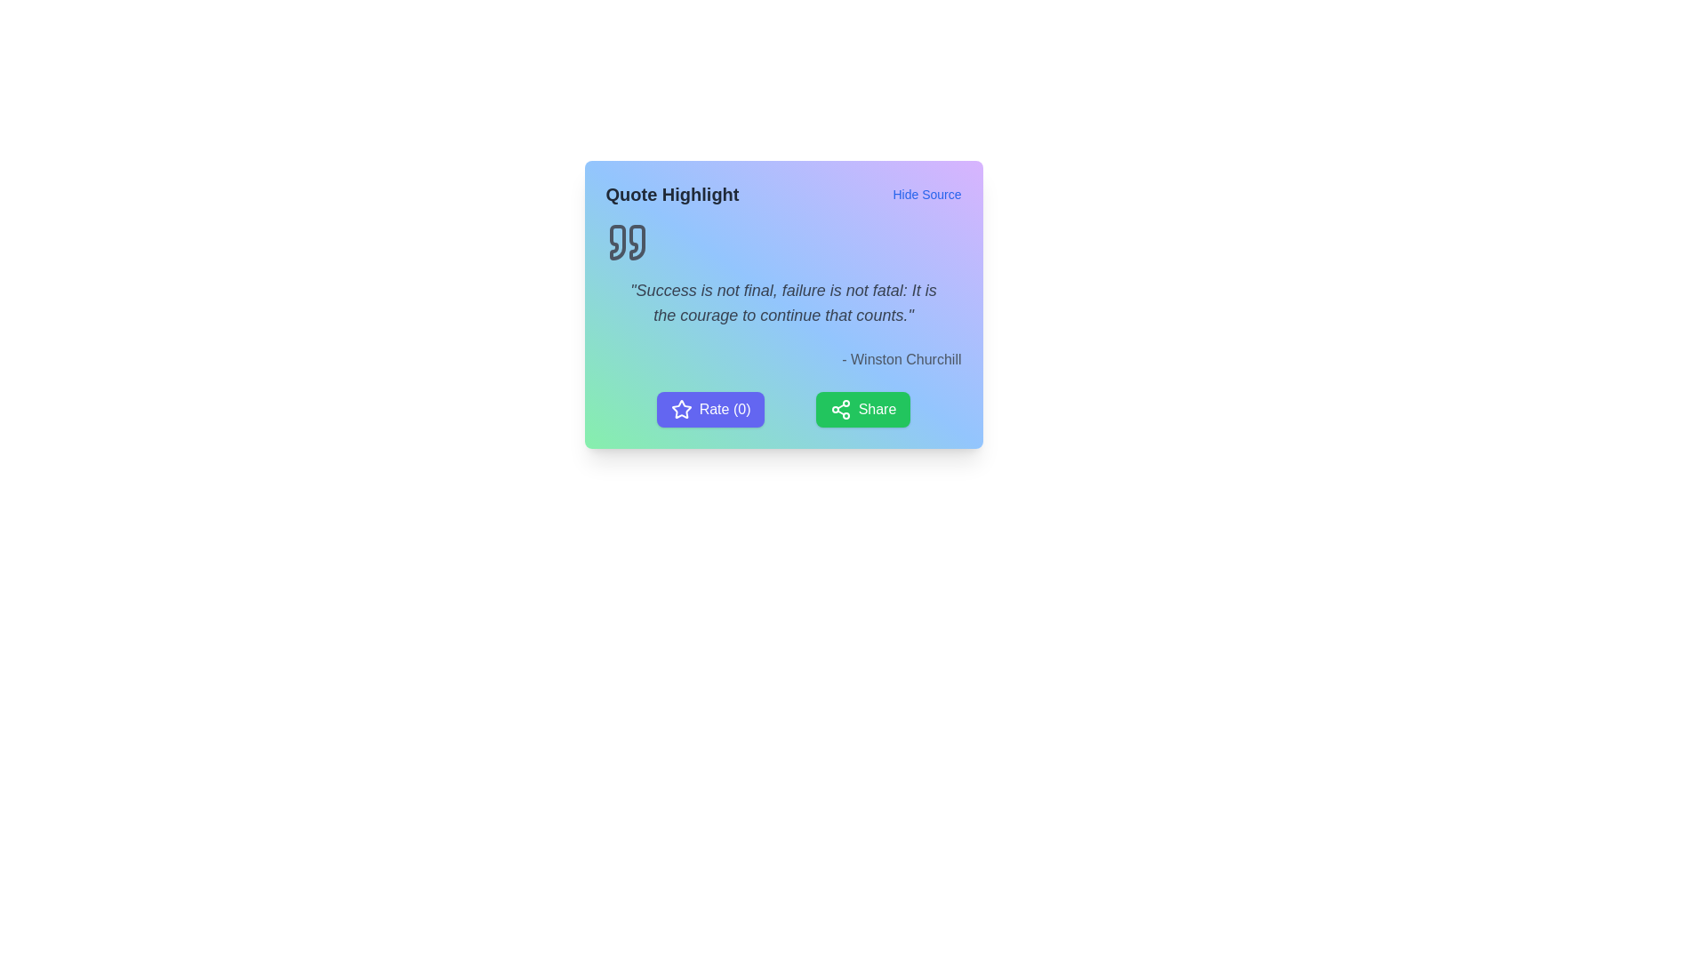  What do you see at coordinates (680, 410) in the screenshot?
I see `the rating icon associated with the 'Rate (0)' button, which is styled with a blue background and located at the bottom-left corner of a card` at bounding box center [680, 410].